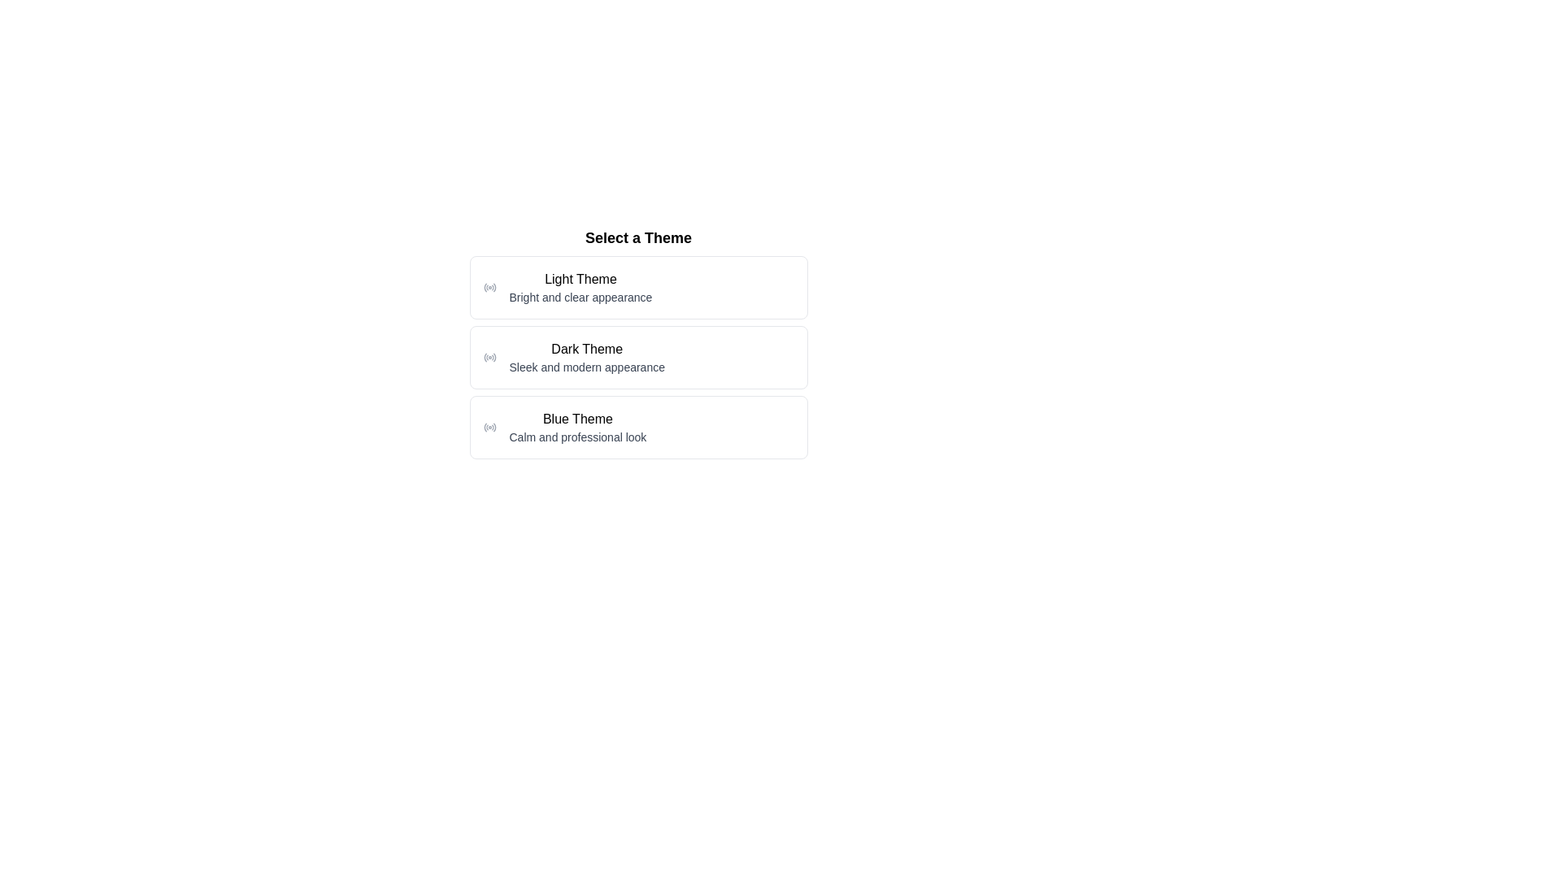  Describe the element at coordinates (577, 426) in the screenshot. I see `the 'Blue Theme' informational snippet, which is the third option in a vertical set of theme options` at that location.